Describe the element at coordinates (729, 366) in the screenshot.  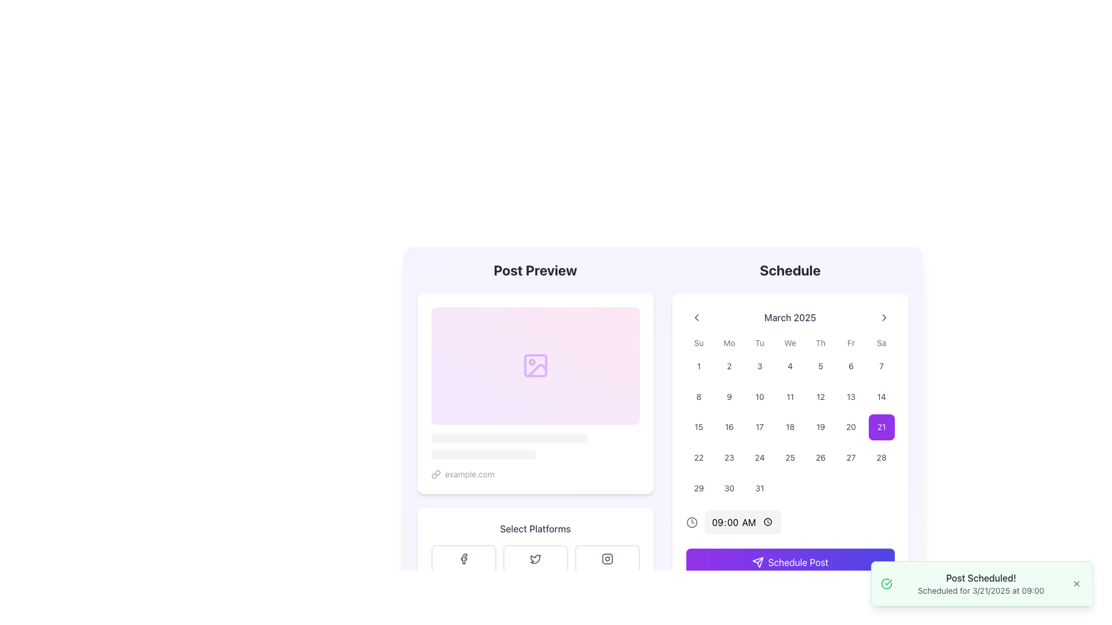
I see `the selectable calendar day button representing the date '2', located under the 'Mo' column header in the calendar grid layout` at that location.